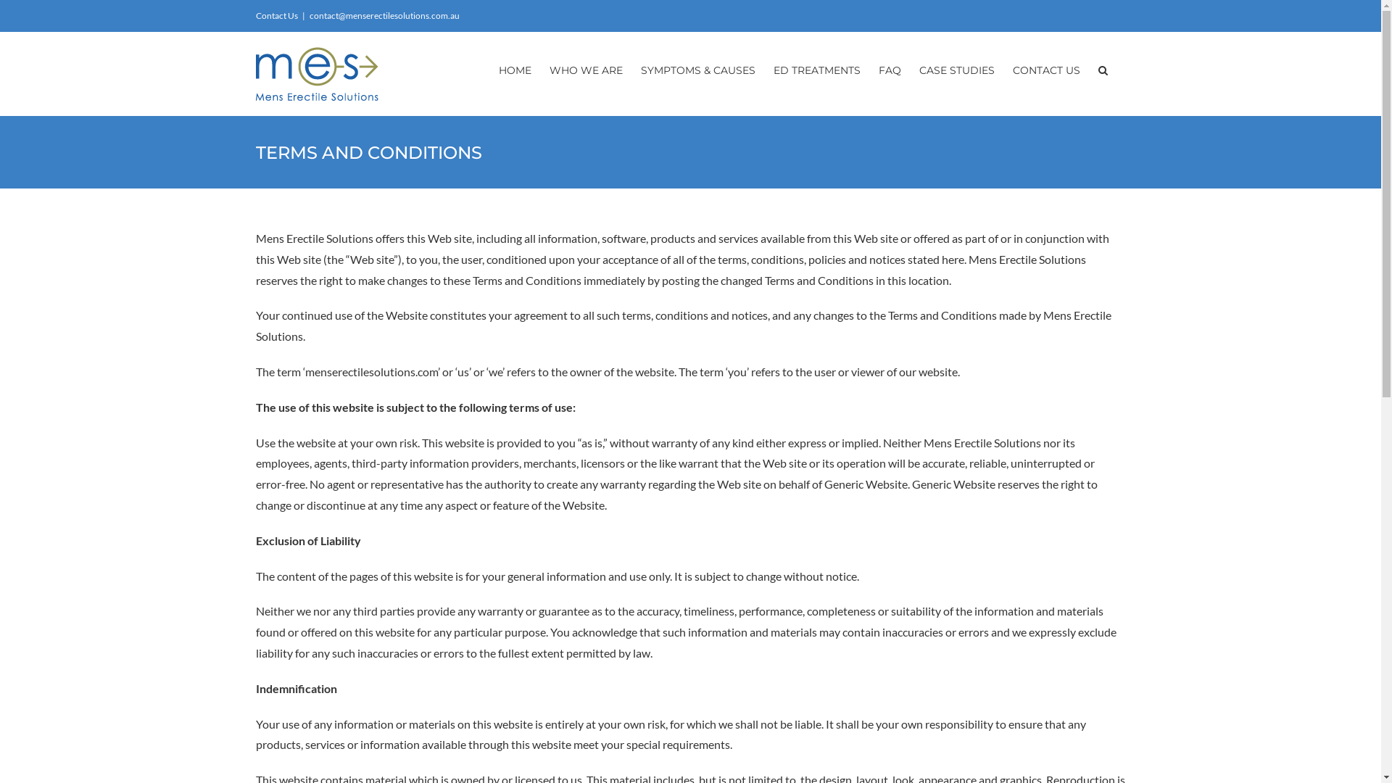 The height and width of the screenshot is (783, 1392). Describe the element at coordinates (586, 70) in the screenshot. I see `'WHO WE ARE'` at that location.